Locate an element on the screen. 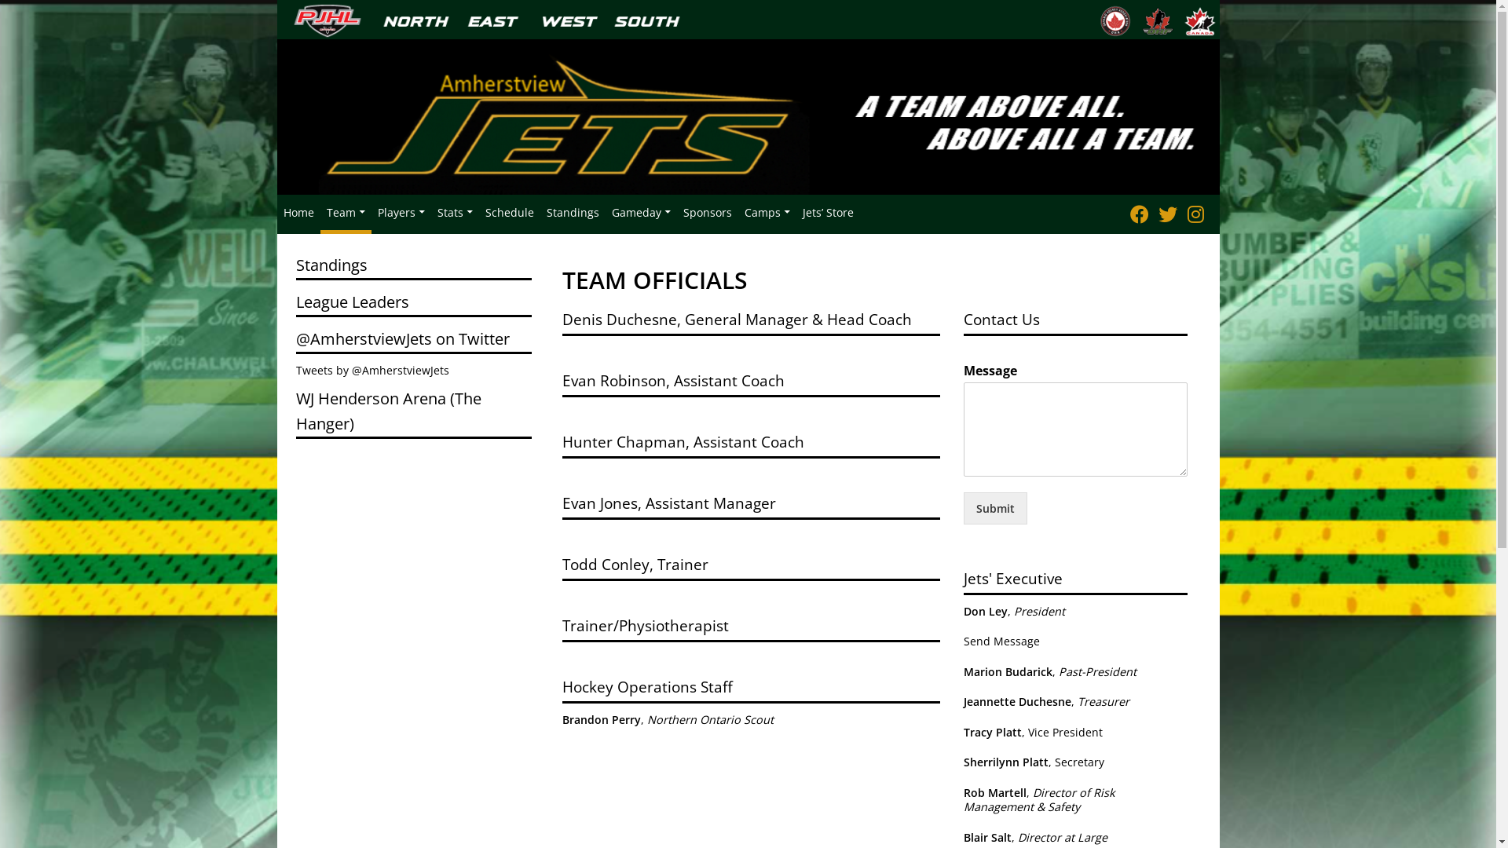  'Tweets by @AmherstviewJets' is located at coordinates (371, 370).